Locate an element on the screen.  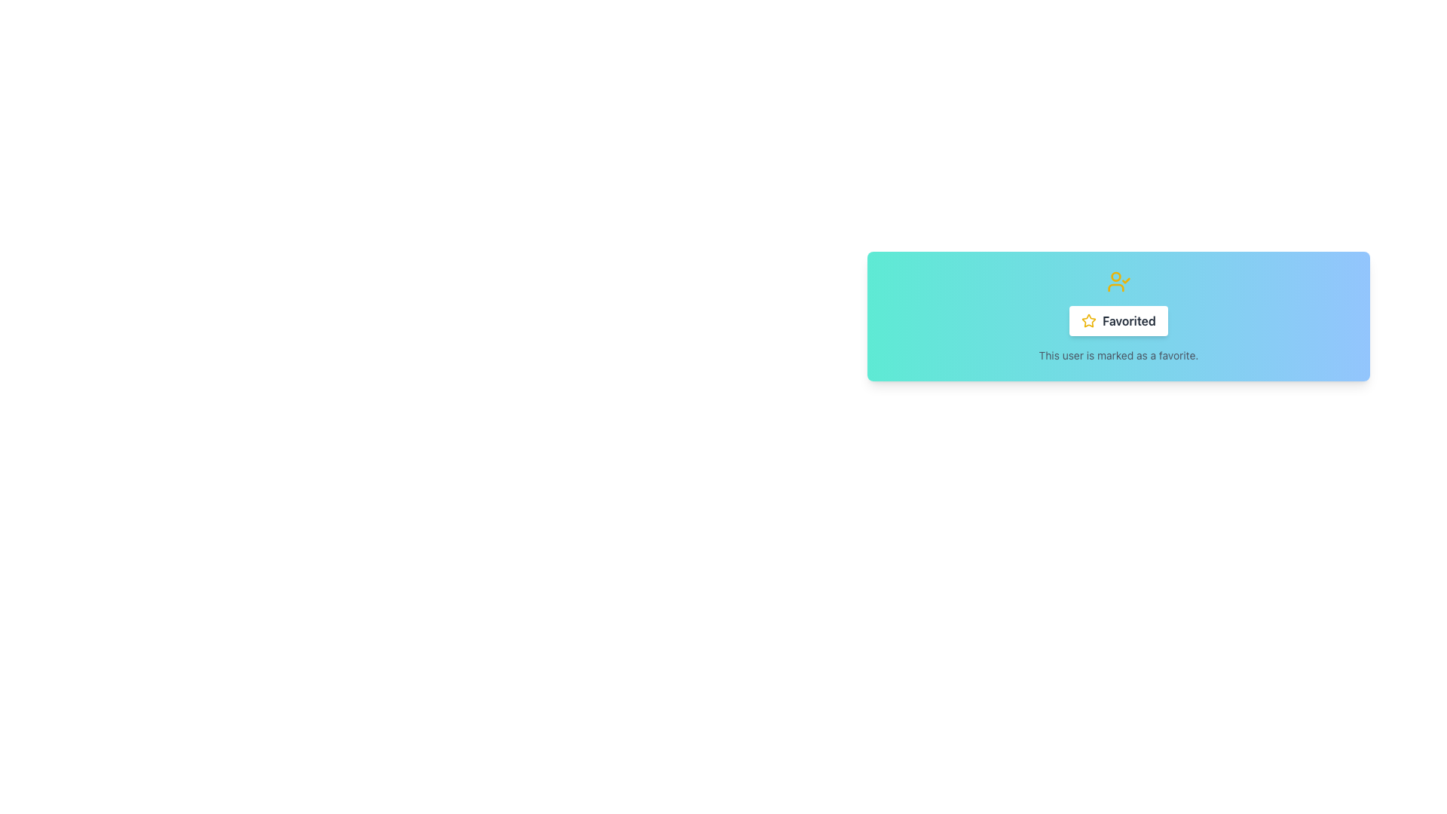
the yellow star icon, which is the first item in a horizontal row next to the text label 'Favorited' is located at coordinates (1089, 320).